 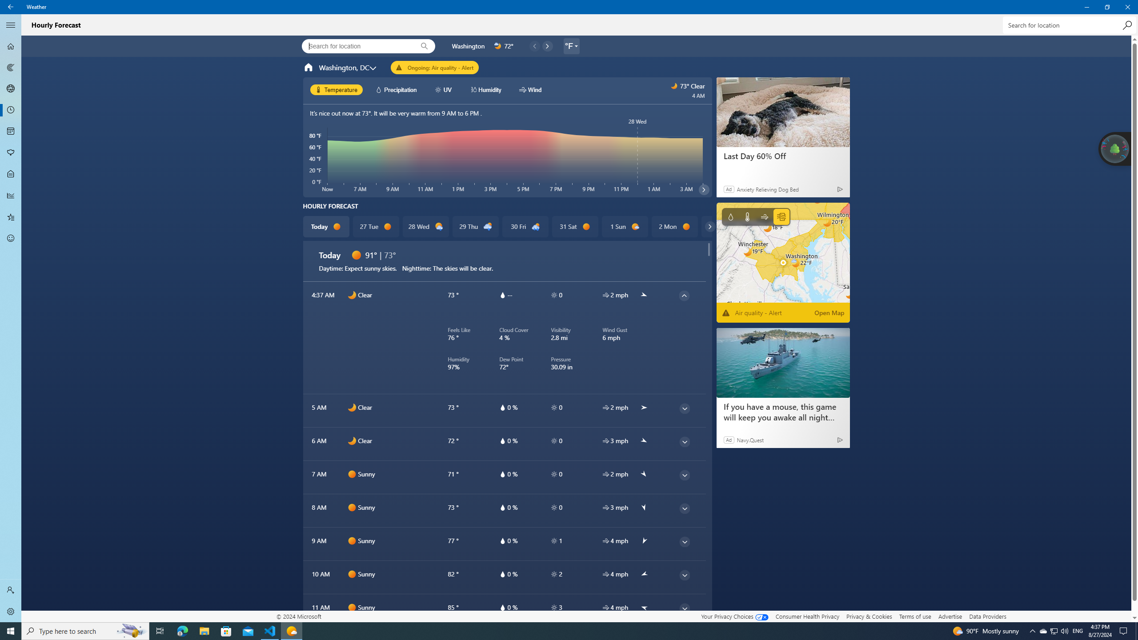 What do you see at coordinates (11, 195) in the screenshot?
I see `'Historical Weather - Not Selected'` at bounding box center [11, 195].